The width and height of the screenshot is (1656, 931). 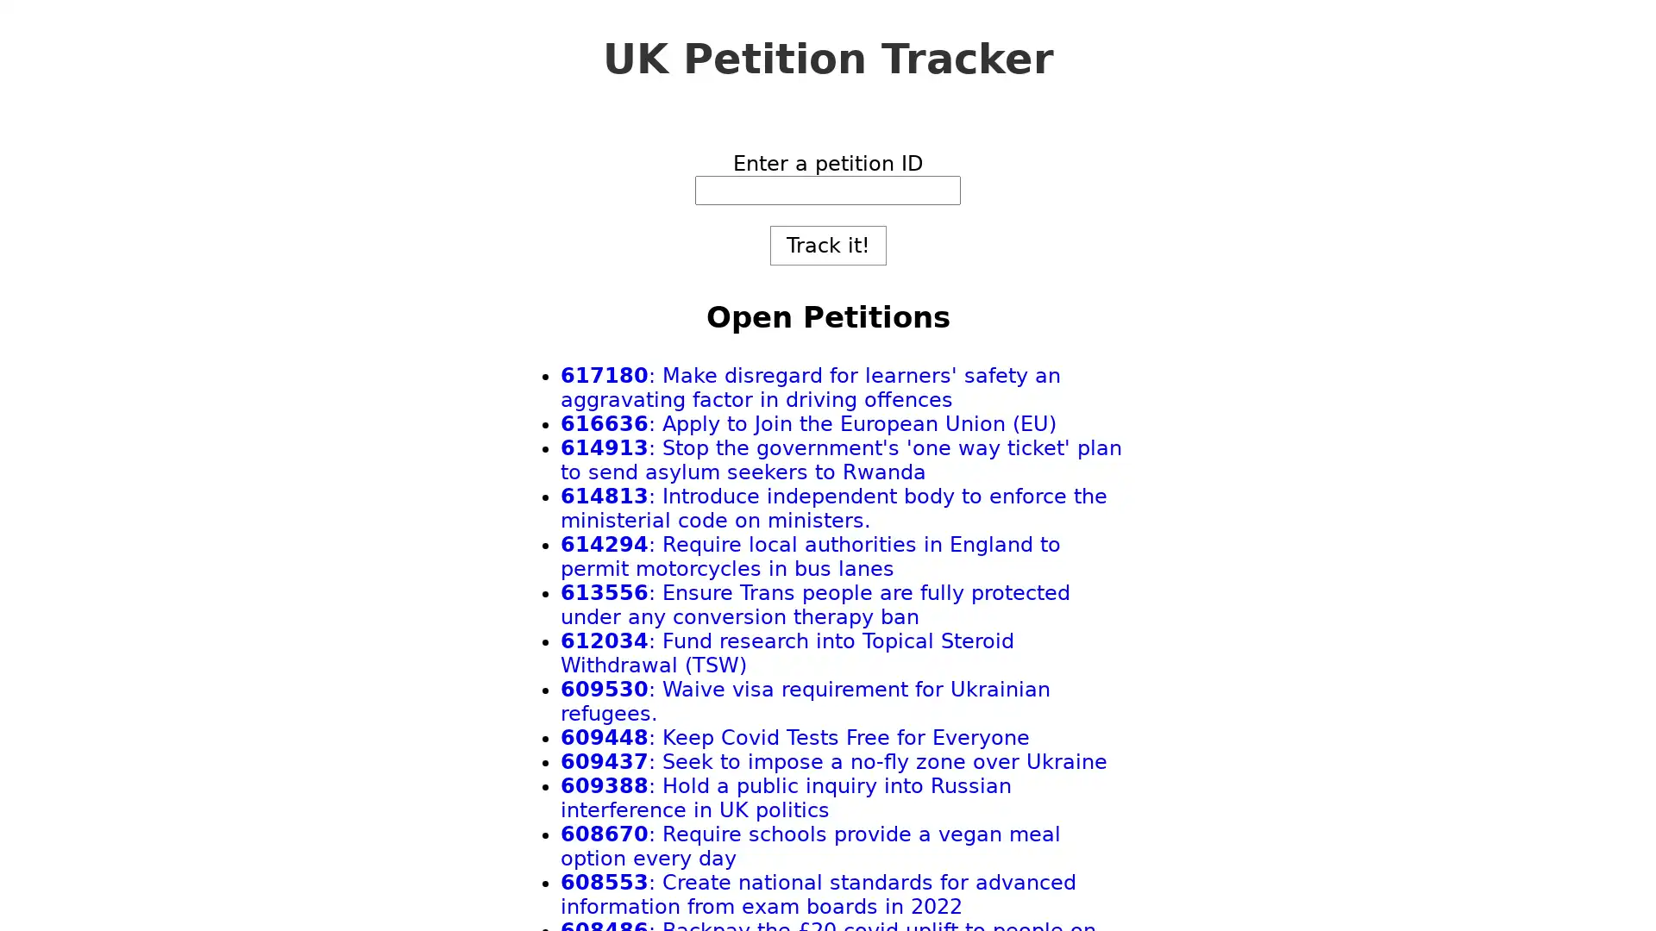 What do you see at coordinates (826, 246) in the screenshot?
I see `Track it!` at bounding box center [826, 246].